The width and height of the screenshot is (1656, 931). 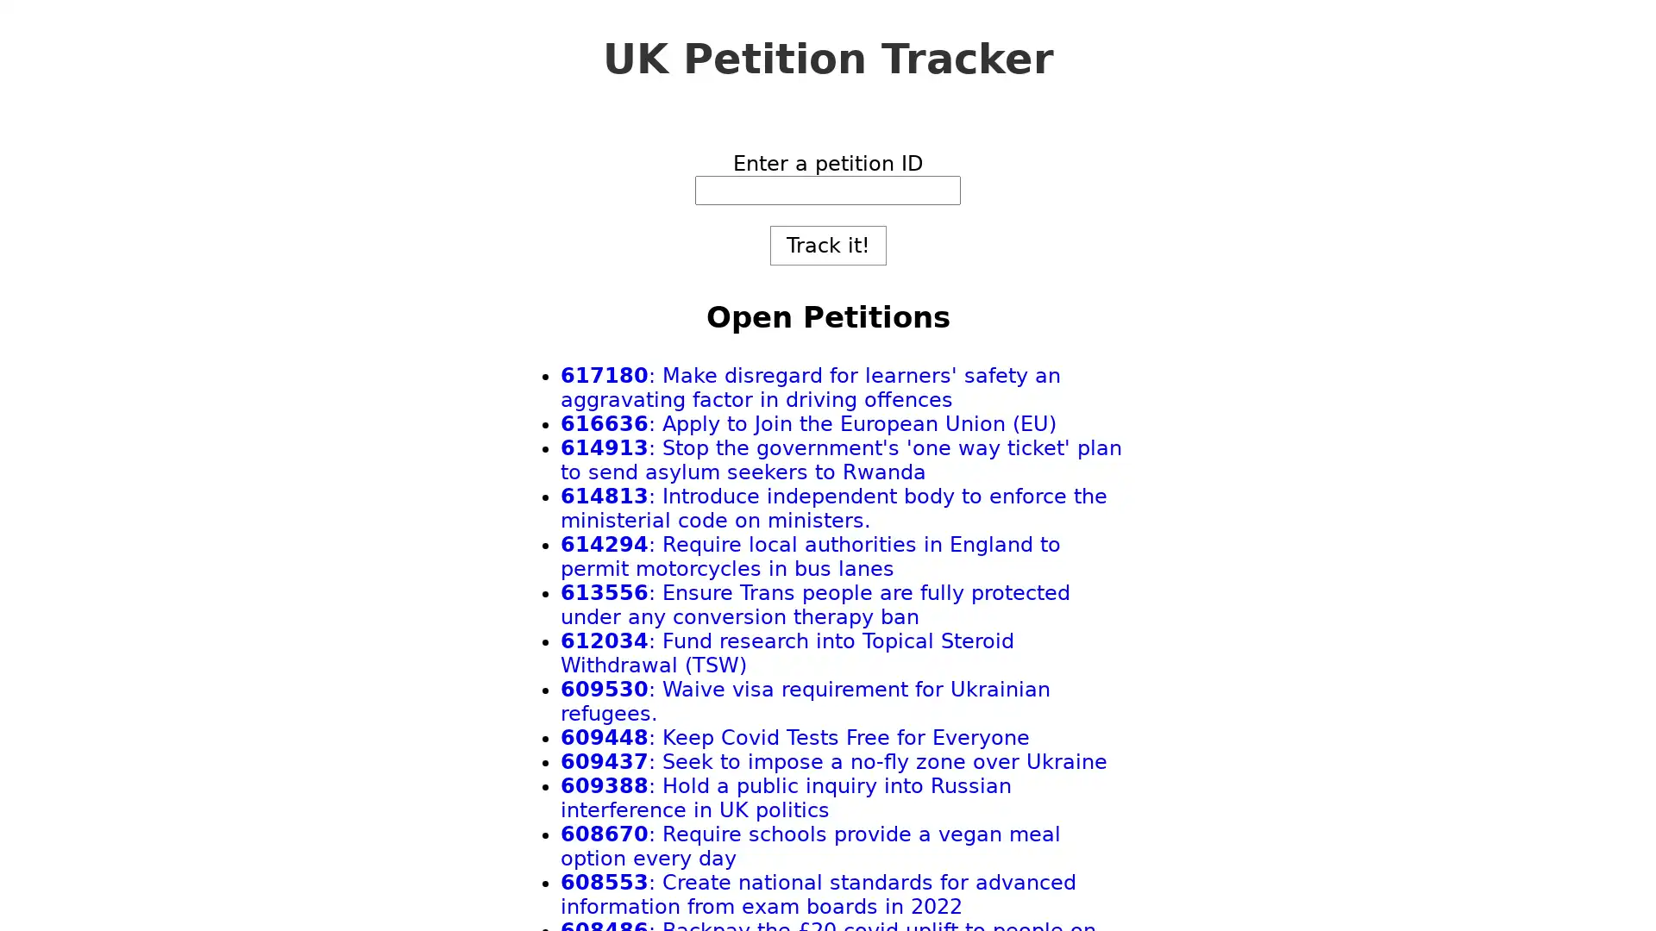 What do you see at coordinates (826, 246) in the screenshot?
I see `Track it!` at bounding box center [826, 246].